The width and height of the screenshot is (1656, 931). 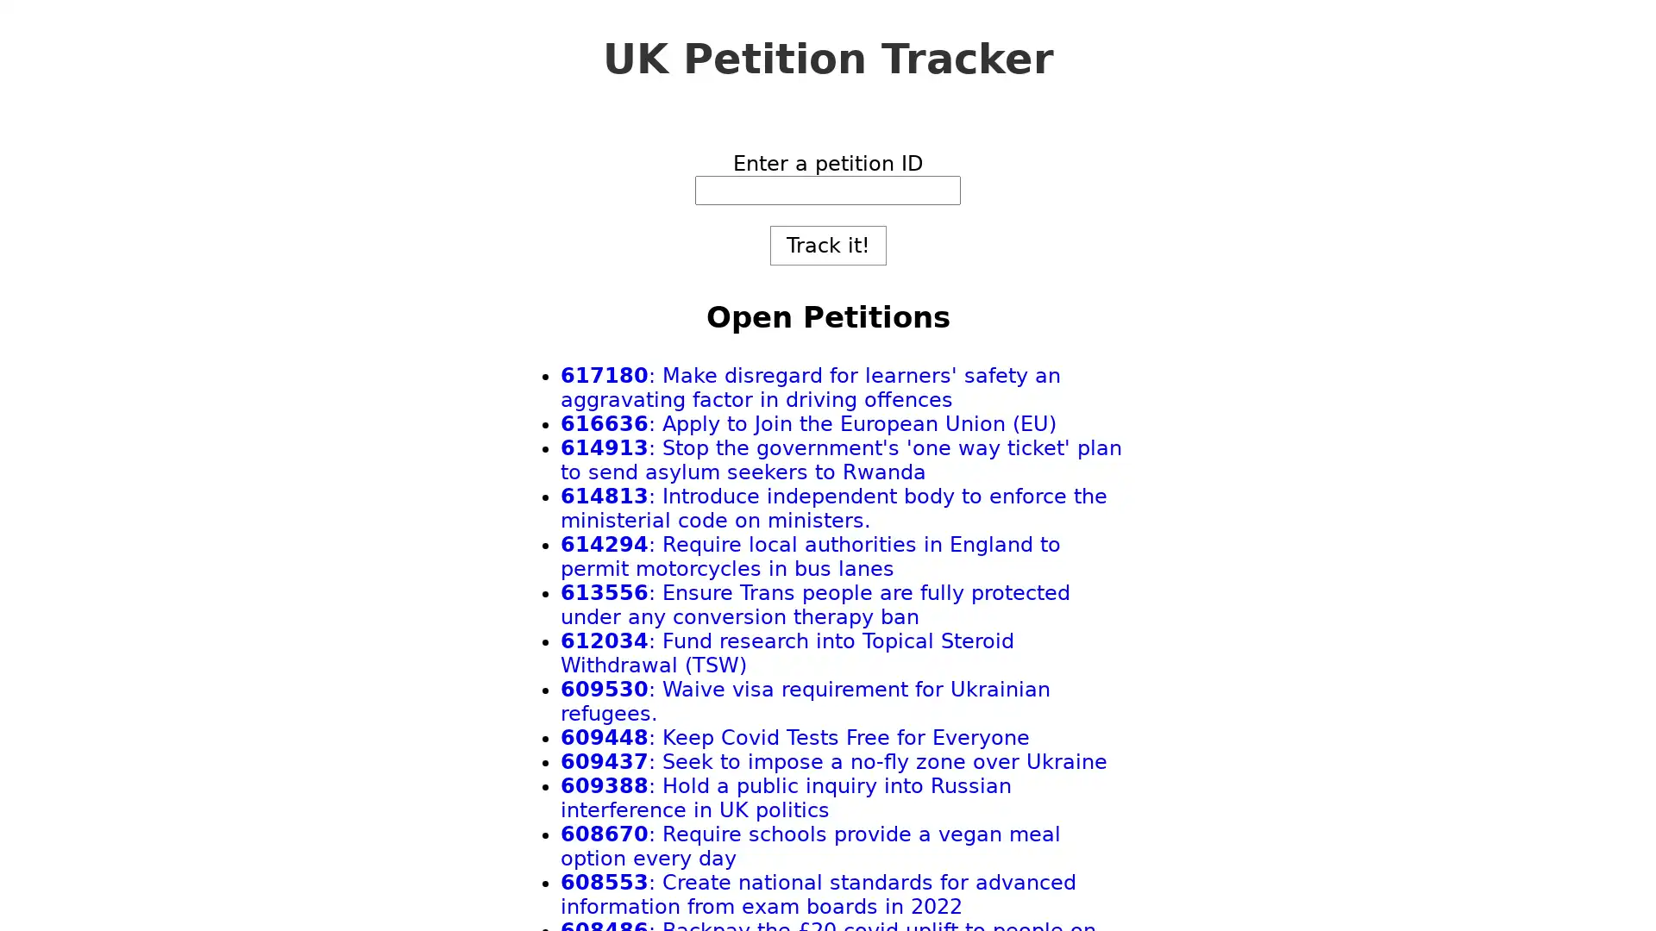 What do you see at coordinates (826, 246) in the screenshot?
I see `Track it!` at bounding box center [826, 246].